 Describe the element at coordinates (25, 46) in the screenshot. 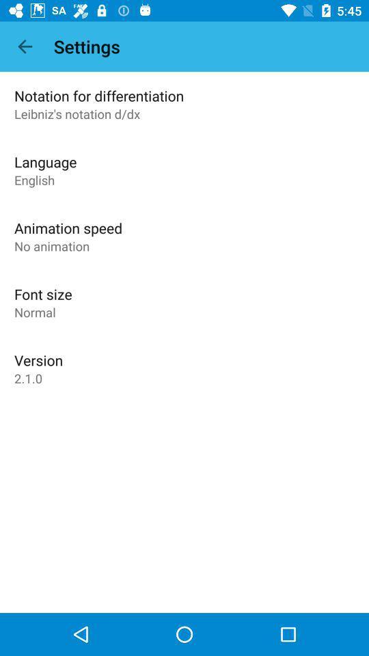

I see `exit settings screen` at that location.